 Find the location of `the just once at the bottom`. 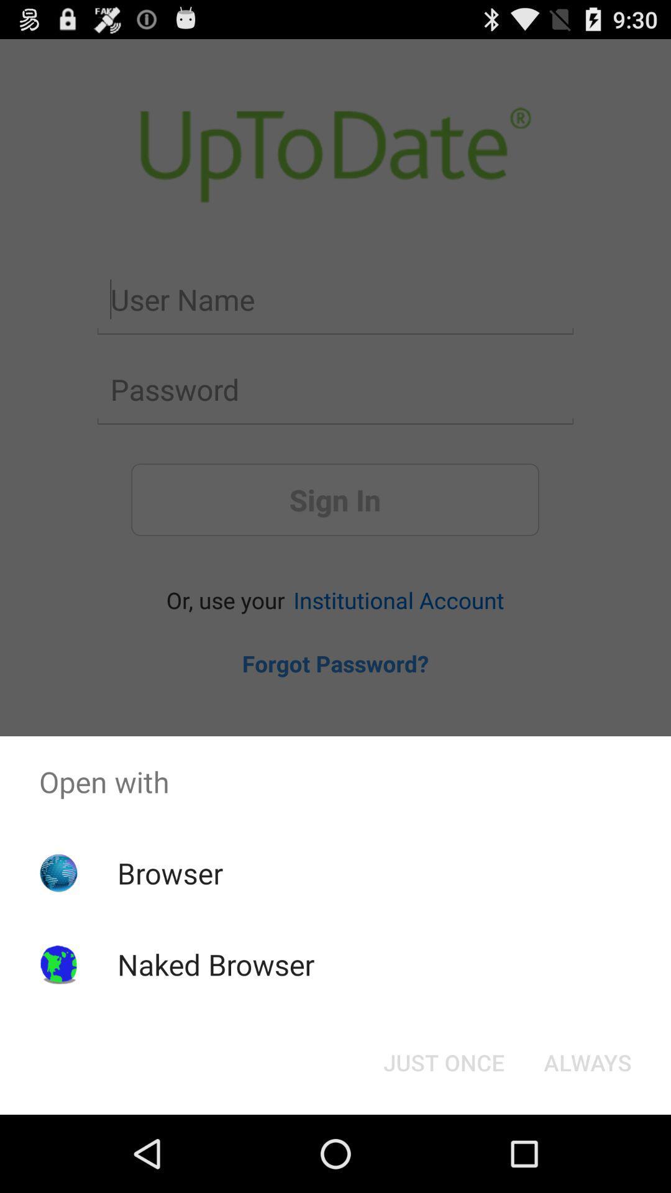

the just once at the bottom is located at coordinates (443, 1061).